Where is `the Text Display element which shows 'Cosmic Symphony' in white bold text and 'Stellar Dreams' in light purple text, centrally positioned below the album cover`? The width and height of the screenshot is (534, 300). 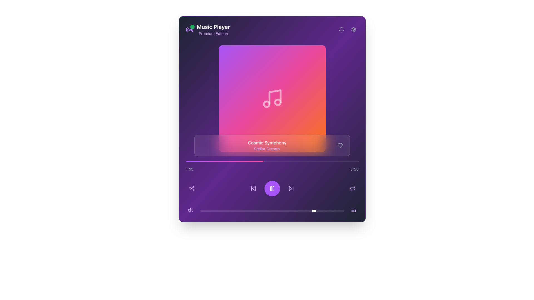 the Text Display element which shows 'Cosmic Symphony' in white bold text and 'Stellar Dreams' in light purple text, centrally positioned below the album cover is located at coordinates (267, 145).